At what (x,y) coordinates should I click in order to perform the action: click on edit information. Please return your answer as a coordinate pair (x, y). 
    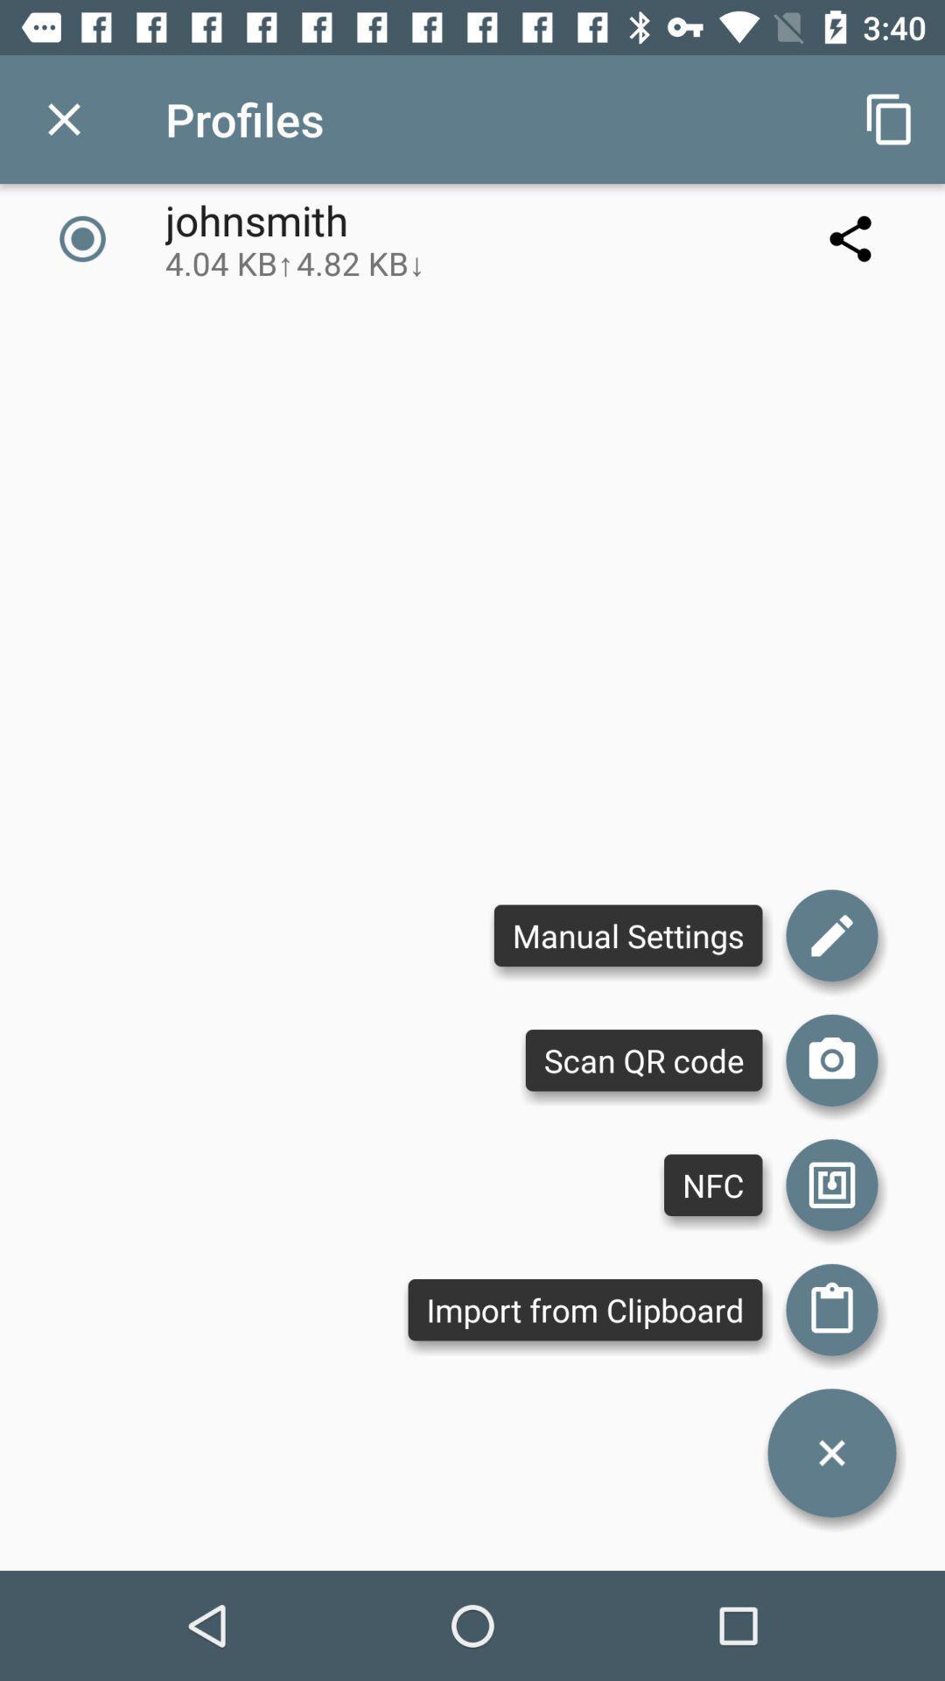
    Looking at the image, I should click on (831, 934).